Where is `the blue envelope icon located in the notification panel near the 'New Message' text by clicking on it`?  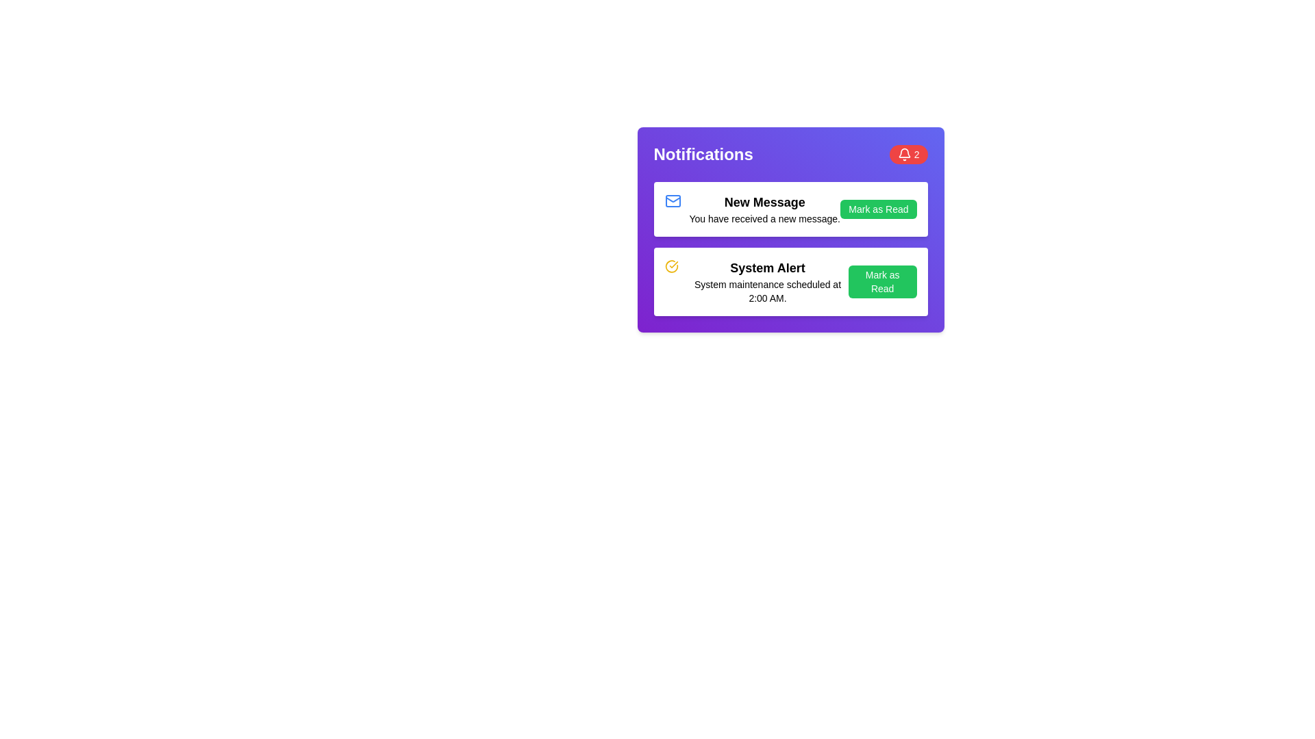
the blue envelope icon located in the notification panel near the 'New Message' text by clicking on it is located at coordinates (673, 200).